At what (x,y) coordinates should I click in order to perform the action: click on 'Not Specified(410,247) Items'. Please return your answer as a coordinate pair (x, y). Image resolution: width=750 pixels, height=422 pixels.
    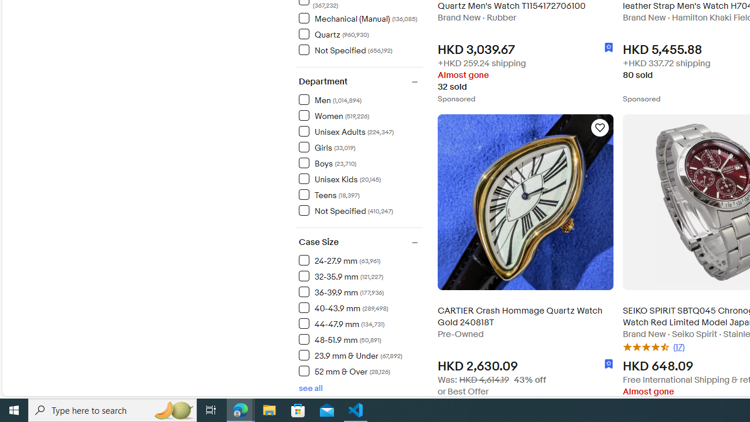
    Looking at the image, I should click on (360, 209).